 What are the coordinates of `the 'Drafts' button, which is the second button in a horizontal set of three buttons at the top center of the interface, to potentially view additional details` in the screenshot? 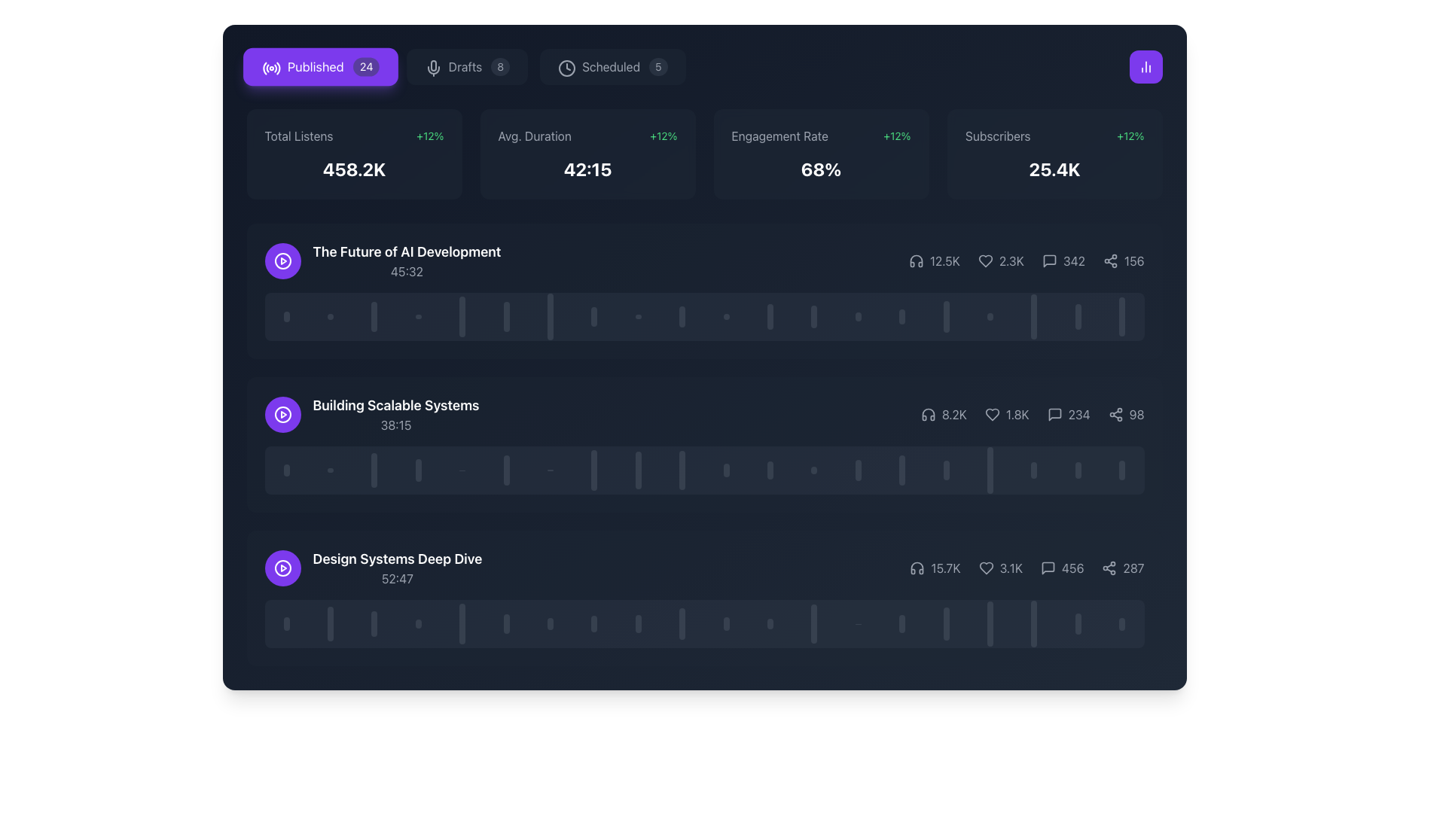 It's located at (465, 65).